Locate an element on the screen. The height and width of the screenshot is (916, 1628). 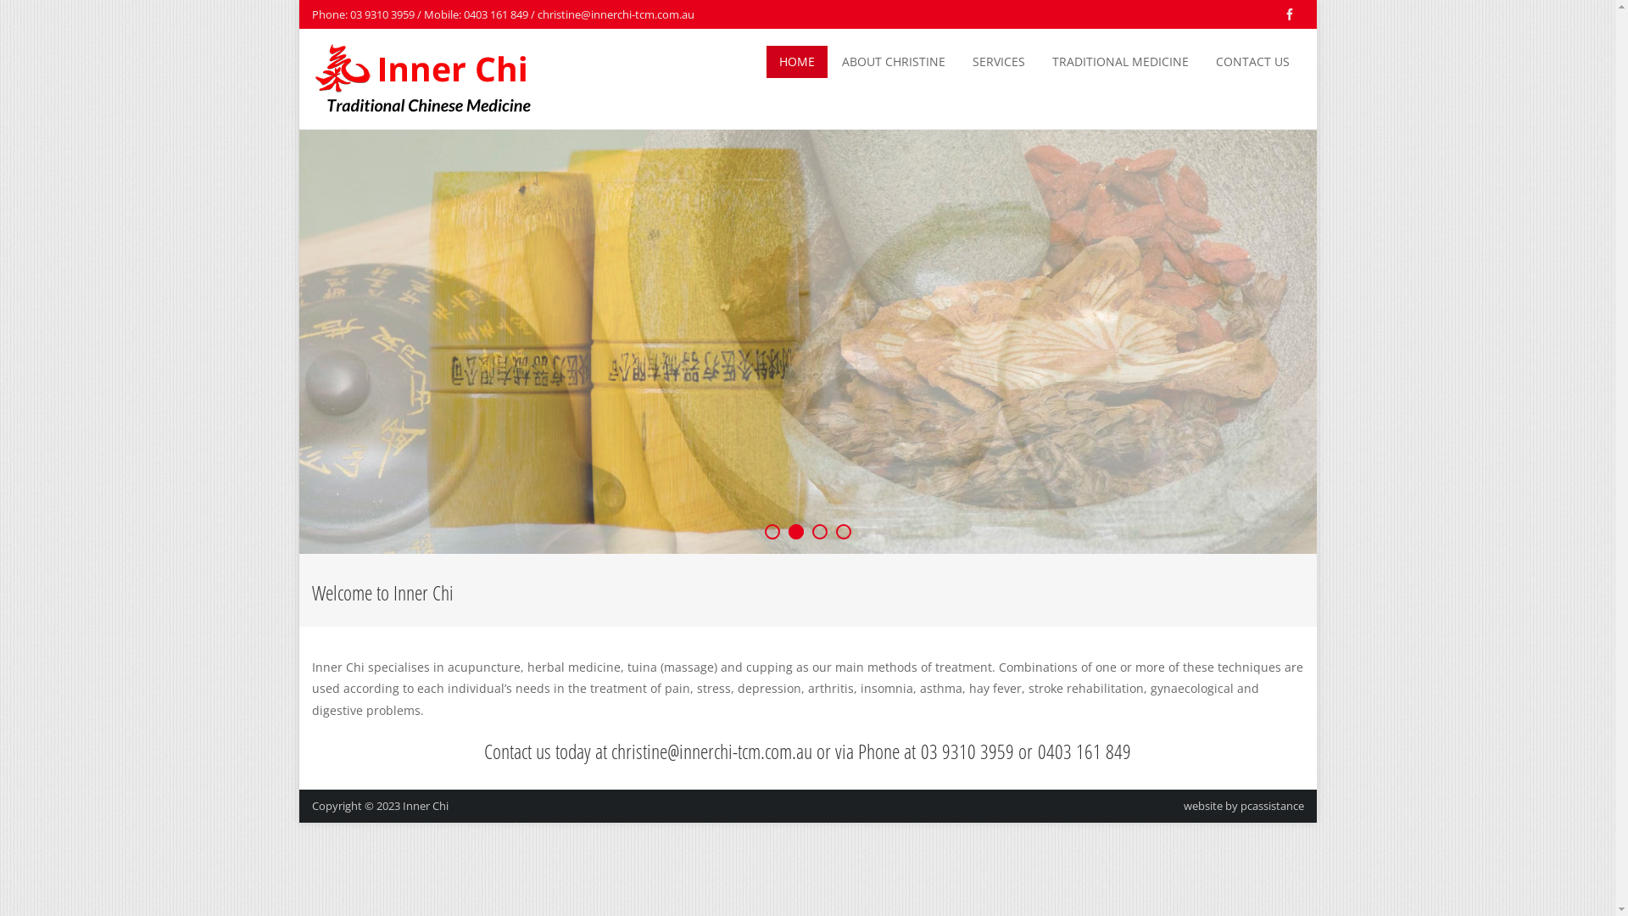
'ABOUT CHRISTINE' is located at coordinates (893, 61).